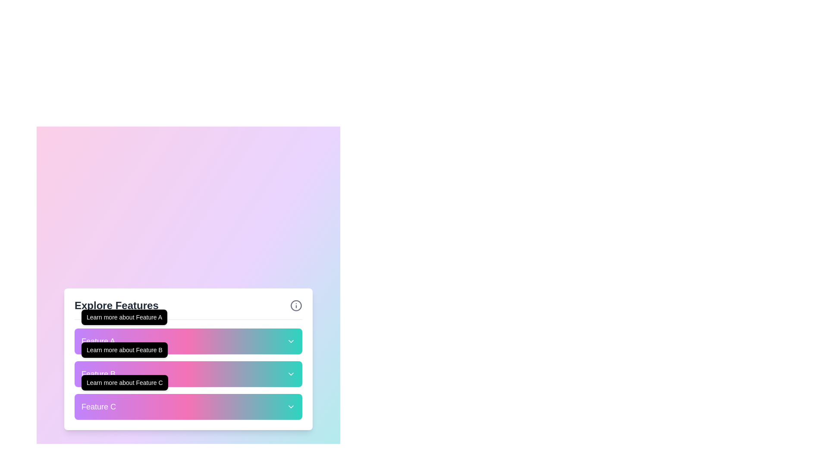 The image size is (828, 465). What do you see at coordinates (124, 350) in the screenshot?
I see `information provided by the tooltip located above the 'Feature B' block in the feature list` at bounding box center [124, 350].